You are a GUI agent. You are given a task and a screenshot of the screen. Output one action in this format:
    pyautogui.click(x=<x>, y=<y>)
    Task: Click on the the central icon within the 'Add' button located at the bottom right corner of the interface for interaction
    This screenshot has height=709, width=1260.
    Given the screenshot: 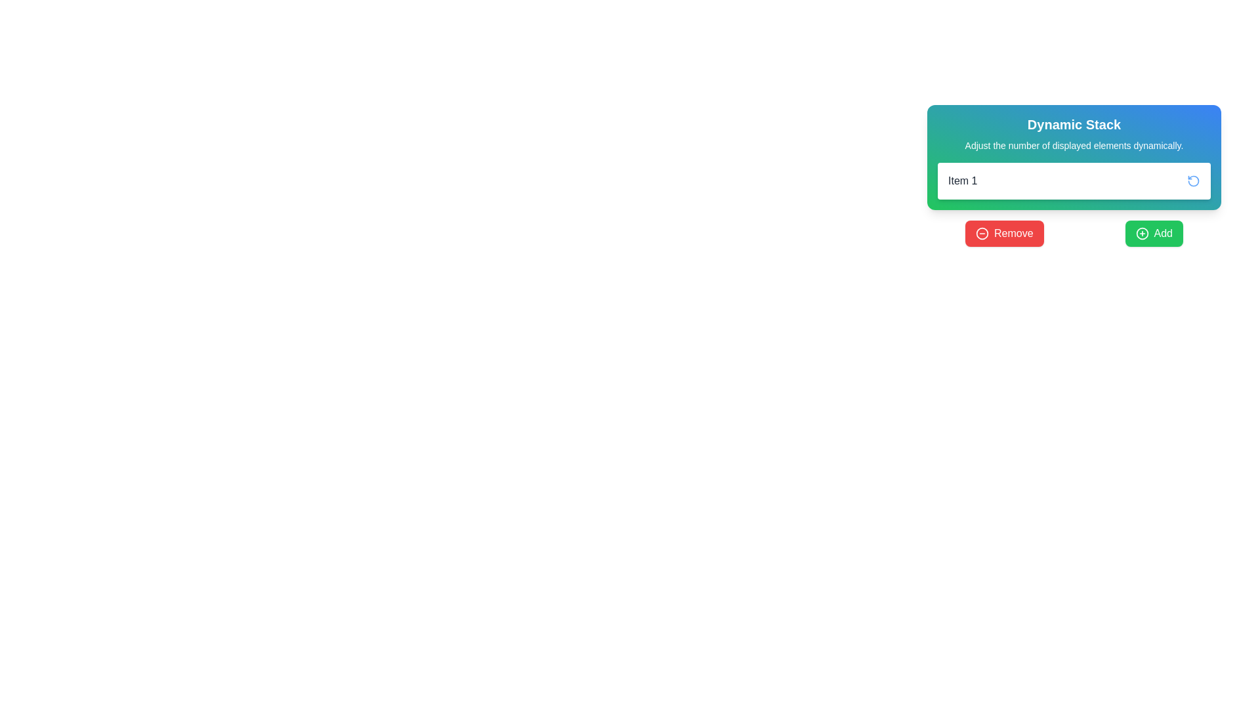 What is the action you would take?
    pyautogui.click(x=1141, y=232)
    